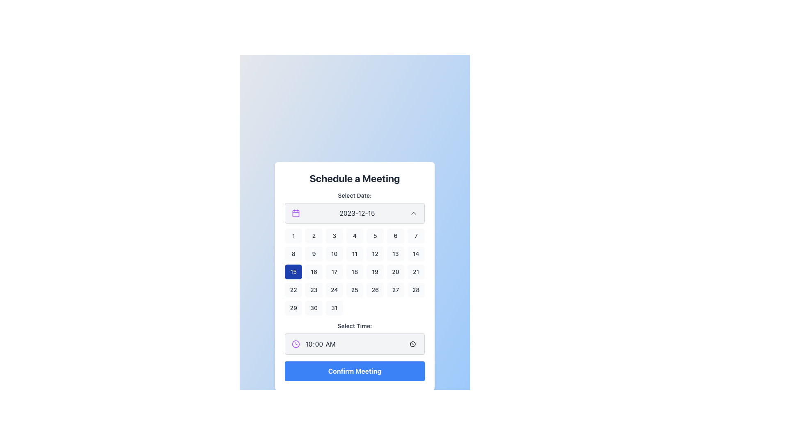  What do you see at coordinates (396, 253) in the screenshot?
I see `the button labeled '13' with a light gray background in the date-picker interface` at bounding box center [396, 253].